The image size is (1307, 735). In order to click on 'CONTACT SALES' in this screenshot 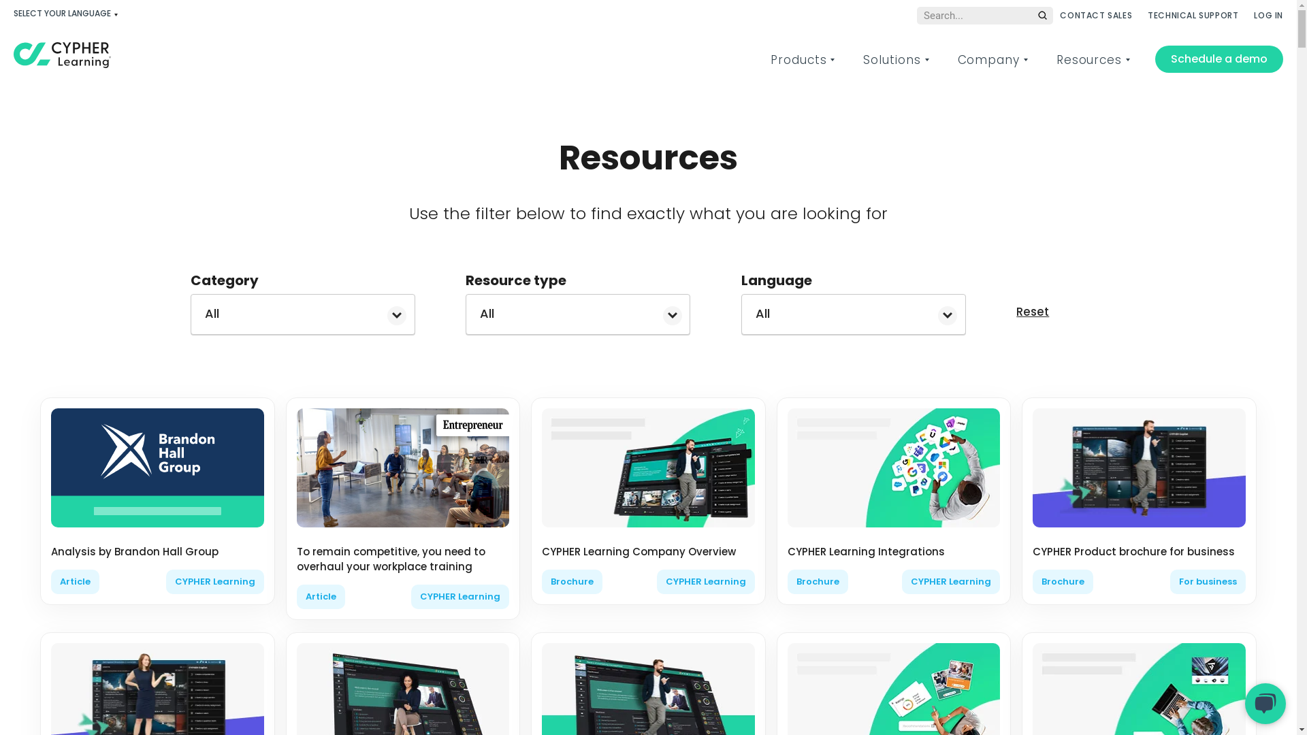, I will do `click(1095, 15)`.